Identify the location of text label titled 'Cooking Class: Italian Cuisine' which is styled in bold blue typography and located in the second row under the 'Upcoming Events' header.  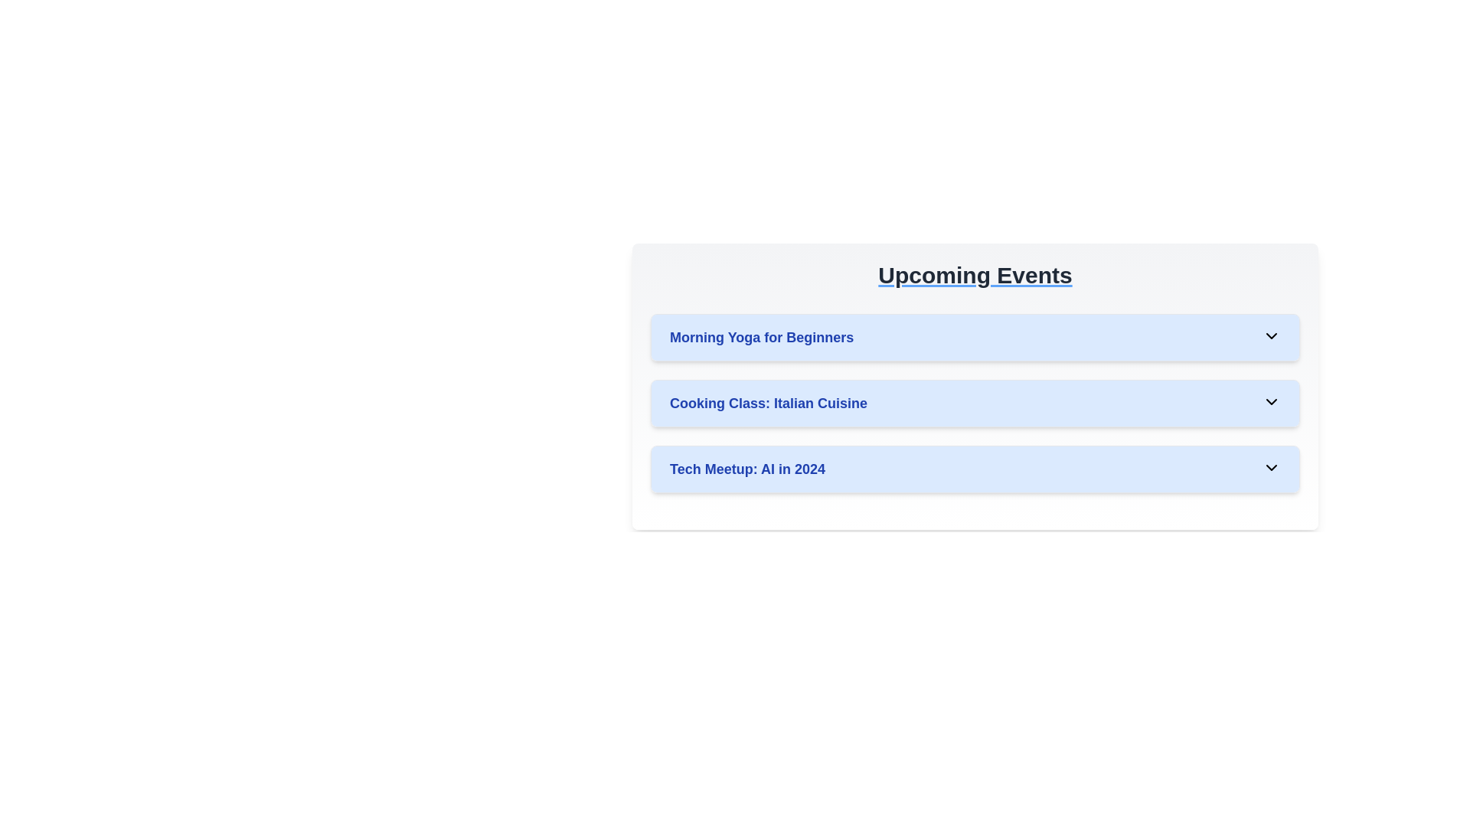
(768, 403).